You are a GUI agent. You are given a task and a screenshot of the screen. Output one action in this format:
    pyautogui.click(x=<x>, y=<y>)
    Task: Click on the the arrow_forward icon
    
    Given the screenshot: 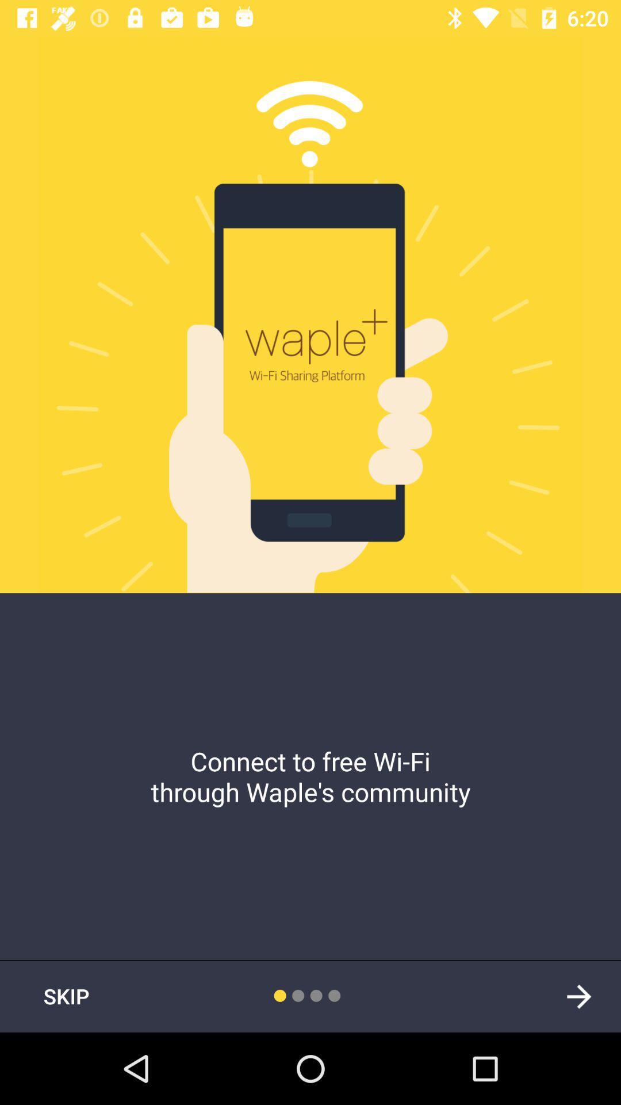 What is the action you would take?
    pyautogui.click(x=578, y=996)
    